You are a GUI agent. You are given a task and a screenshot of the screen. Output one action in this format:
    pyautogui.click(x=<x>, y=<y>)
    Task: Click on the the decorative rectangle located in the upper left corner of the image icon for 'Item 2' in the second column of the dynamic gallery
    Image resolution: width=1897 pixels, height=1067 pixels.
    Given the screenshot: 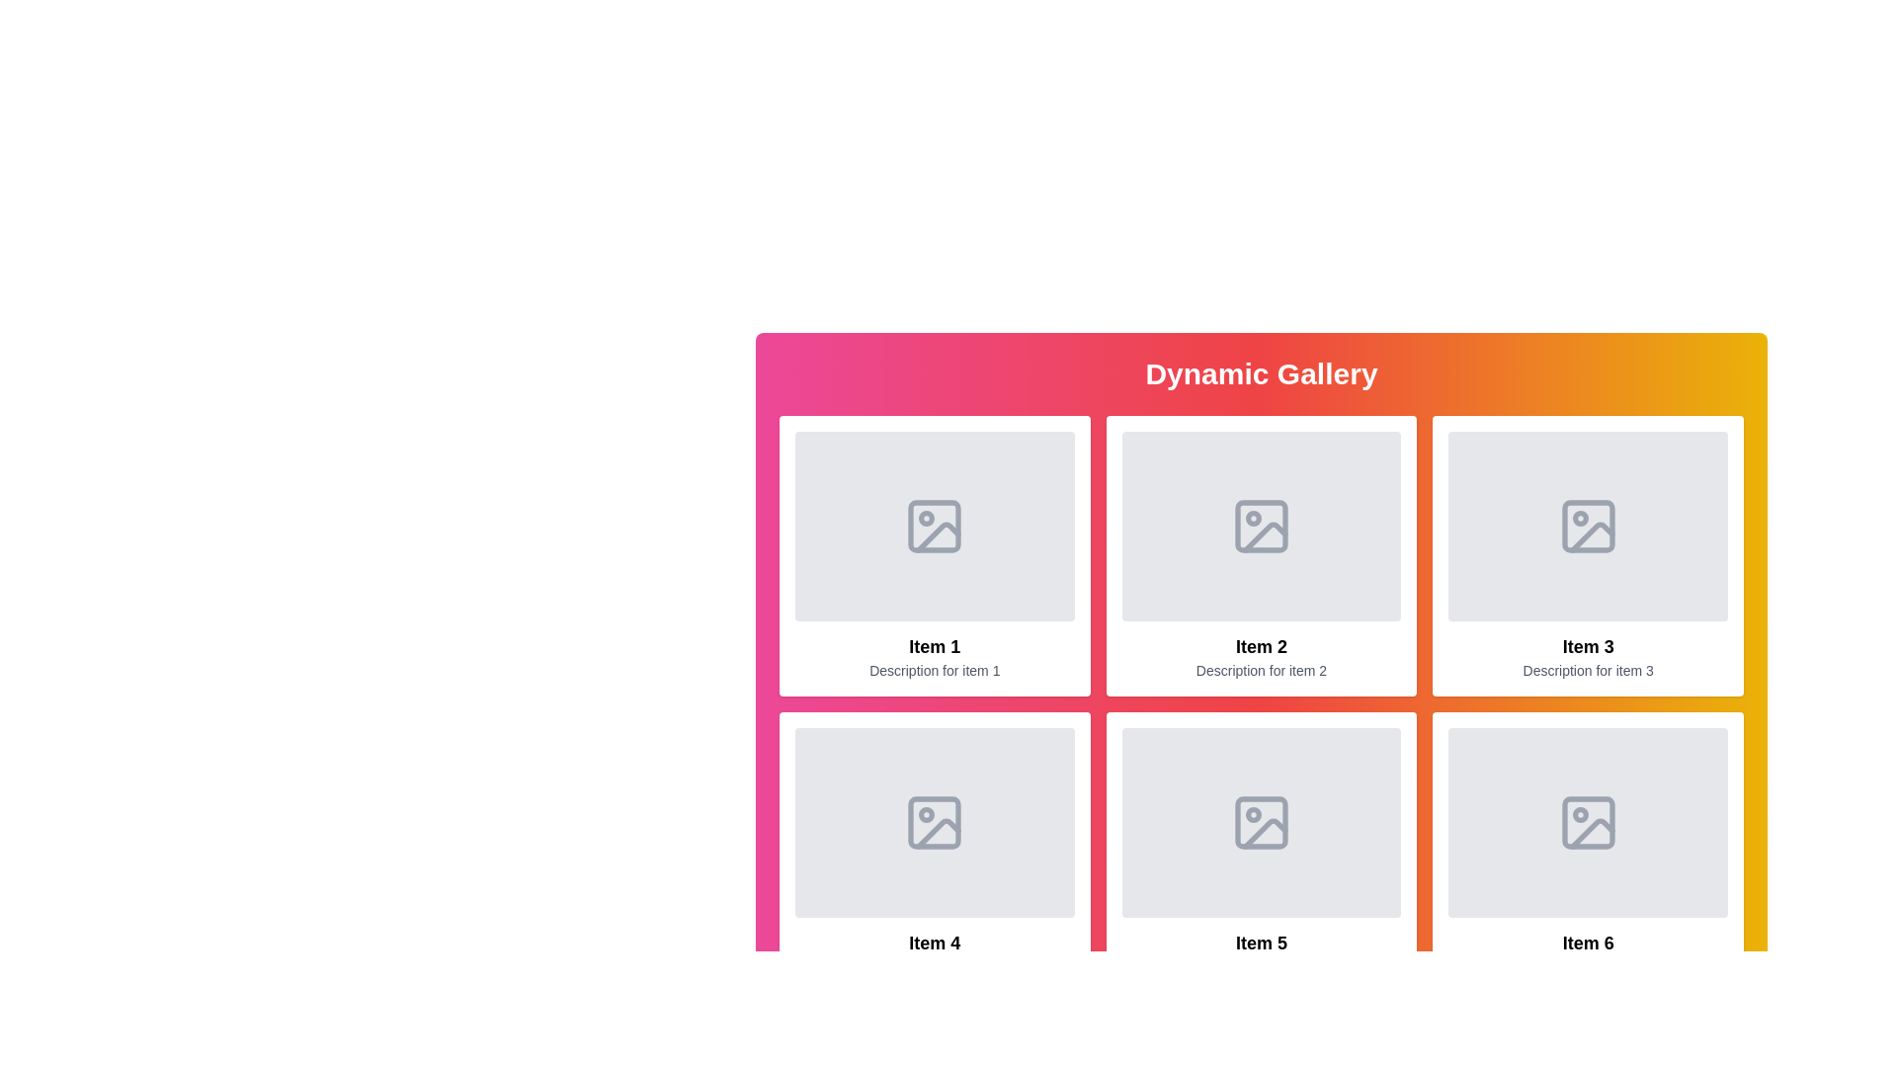 What is the action you would take?
    pyautogui.click(x=1260, y=525)
    